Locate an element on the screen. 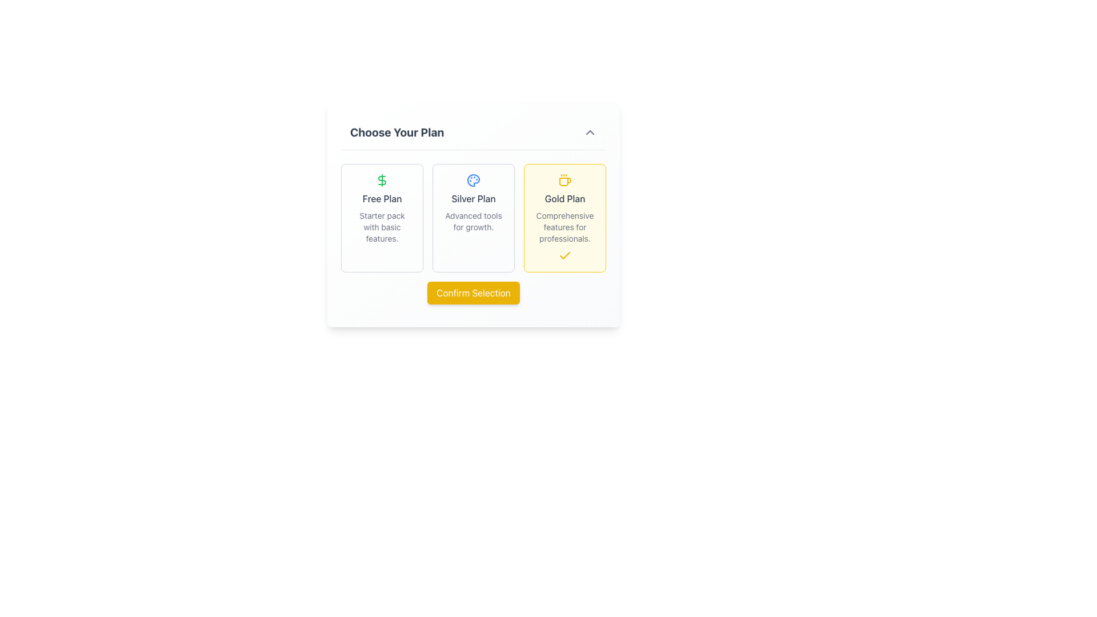  the 'Silver Plan' icon is located at coordinates (474, 180).